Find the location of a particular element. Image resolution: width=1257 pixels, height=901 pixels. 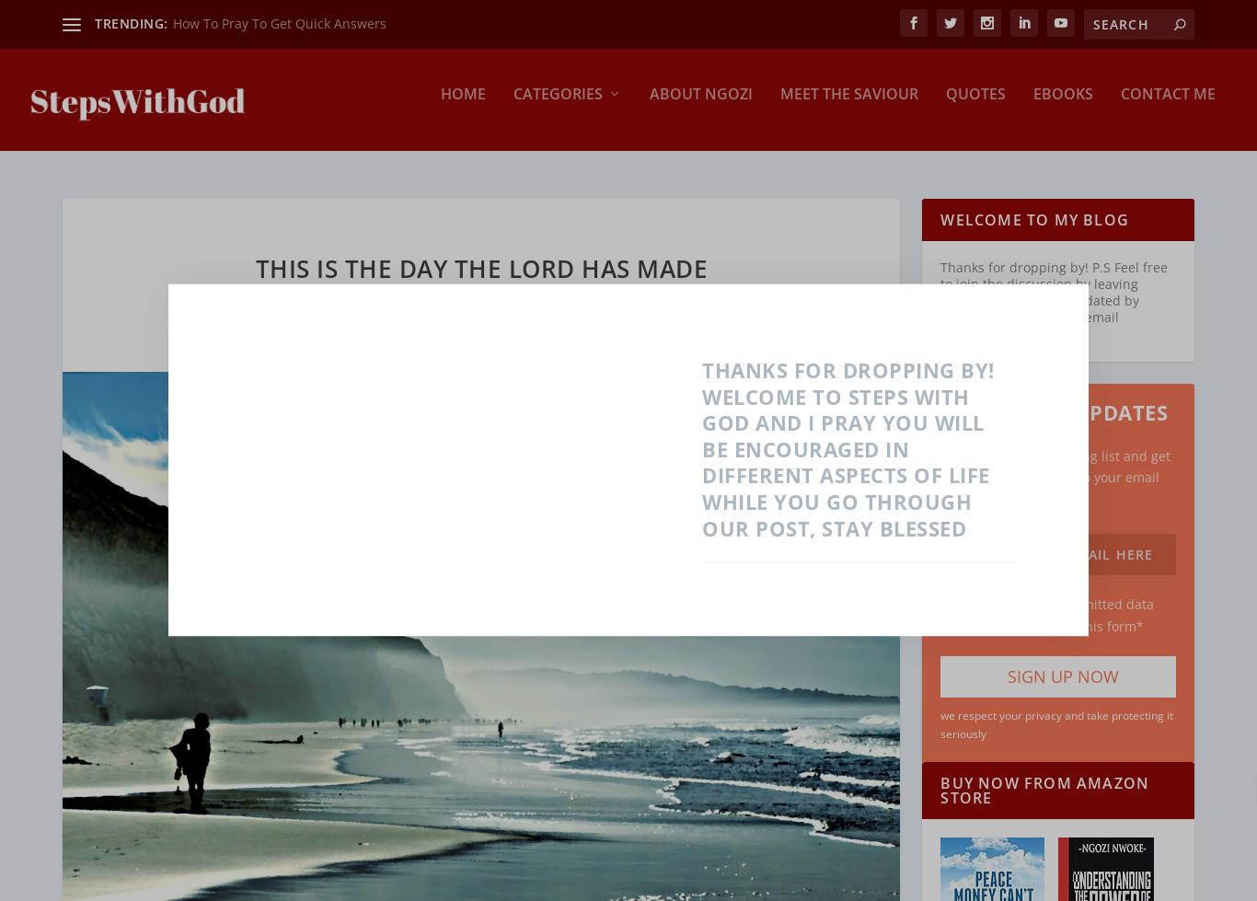

'Welcome To My Blog' is located at coordinates (1032, 207).